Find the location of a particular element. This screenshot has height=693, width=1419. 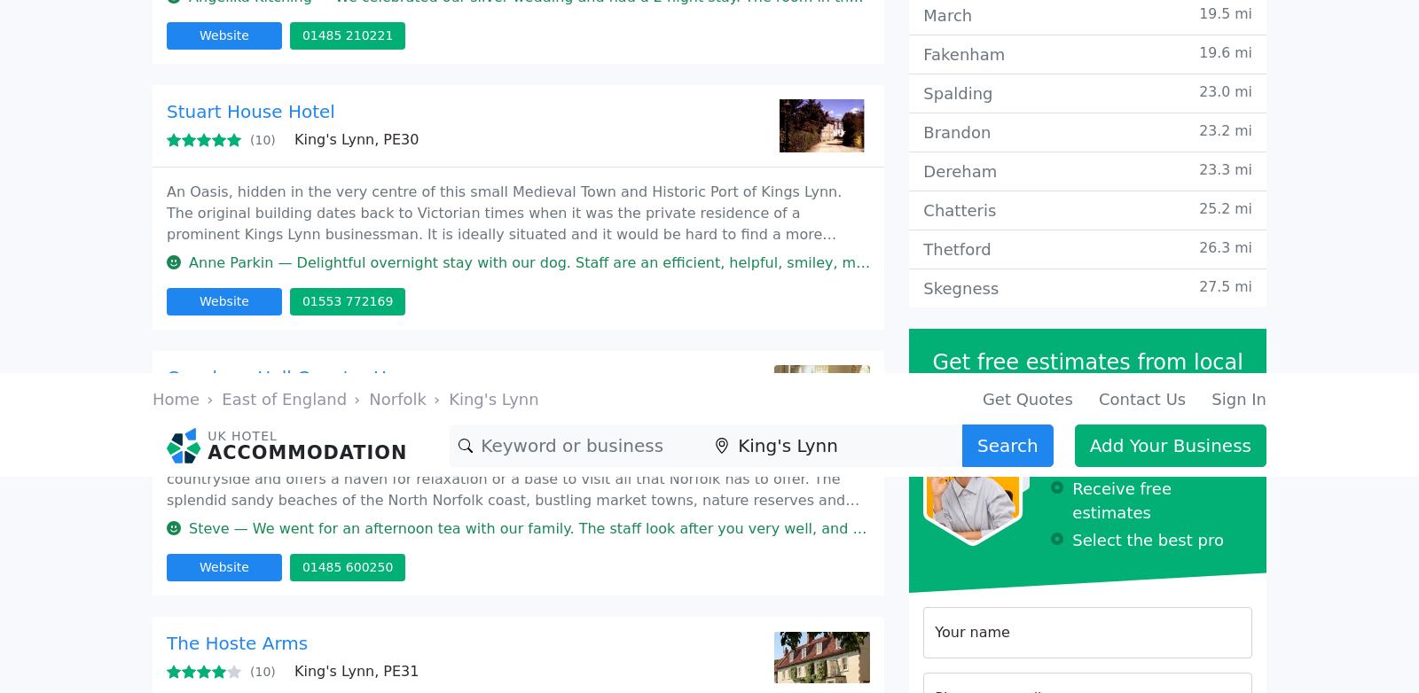

'UK Hotel' is located at coordinates (265, 187).